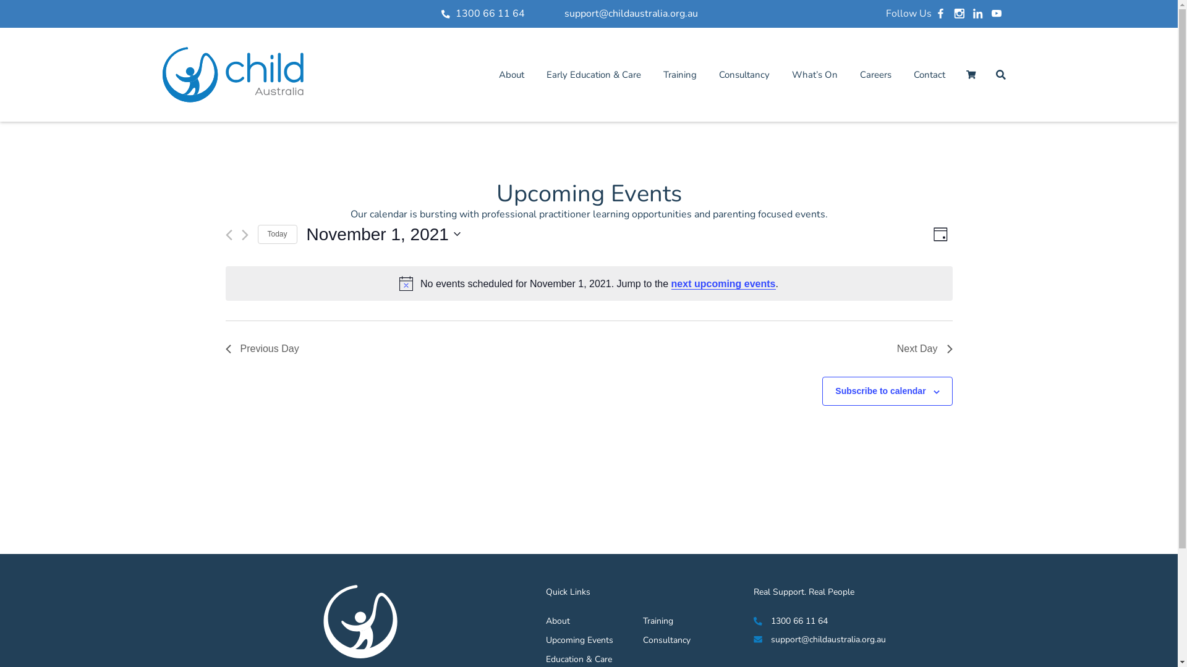 The width and height of the screenshot is (1187, 667). Describe the element at coordinates (383, 235) in the screenshot. I see `'November 1, 2021'` at that location.